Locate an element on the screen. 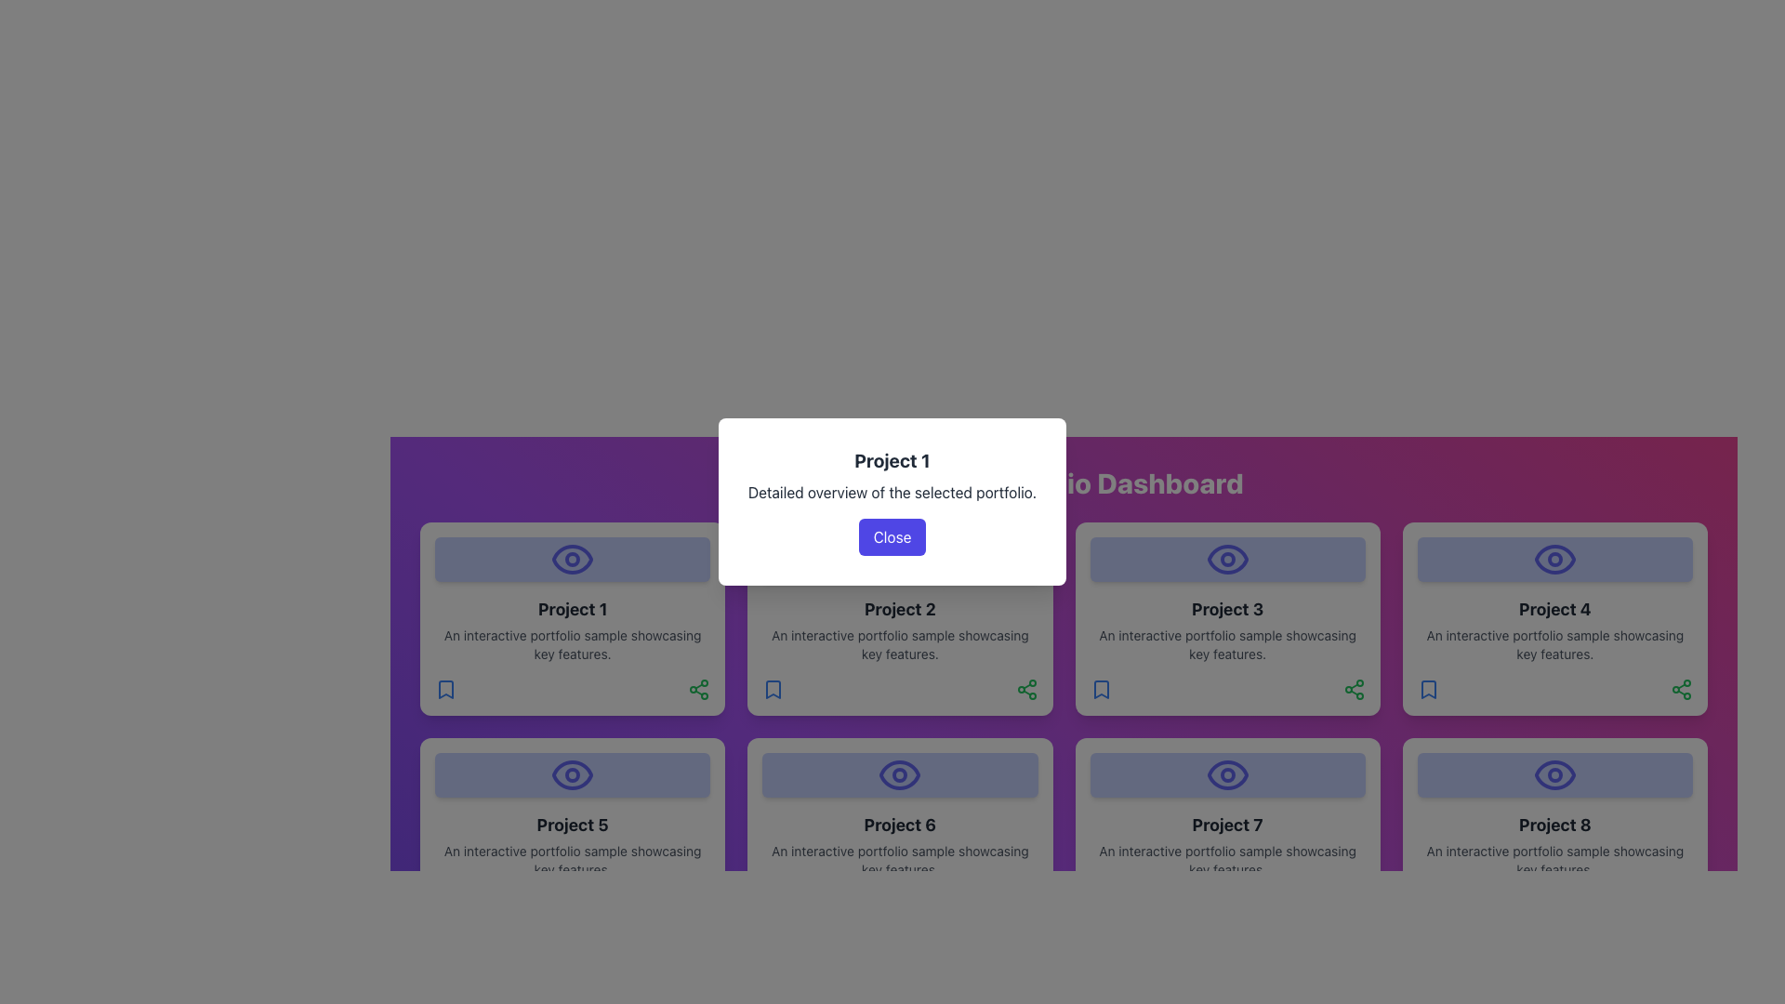 Image resolution: width=1785 pixels, height=1004 pixels. the small circle graphic component within the eye-like icon of the Project 4 card located in the top section of the card layout is located at coordinates (1554, 558).